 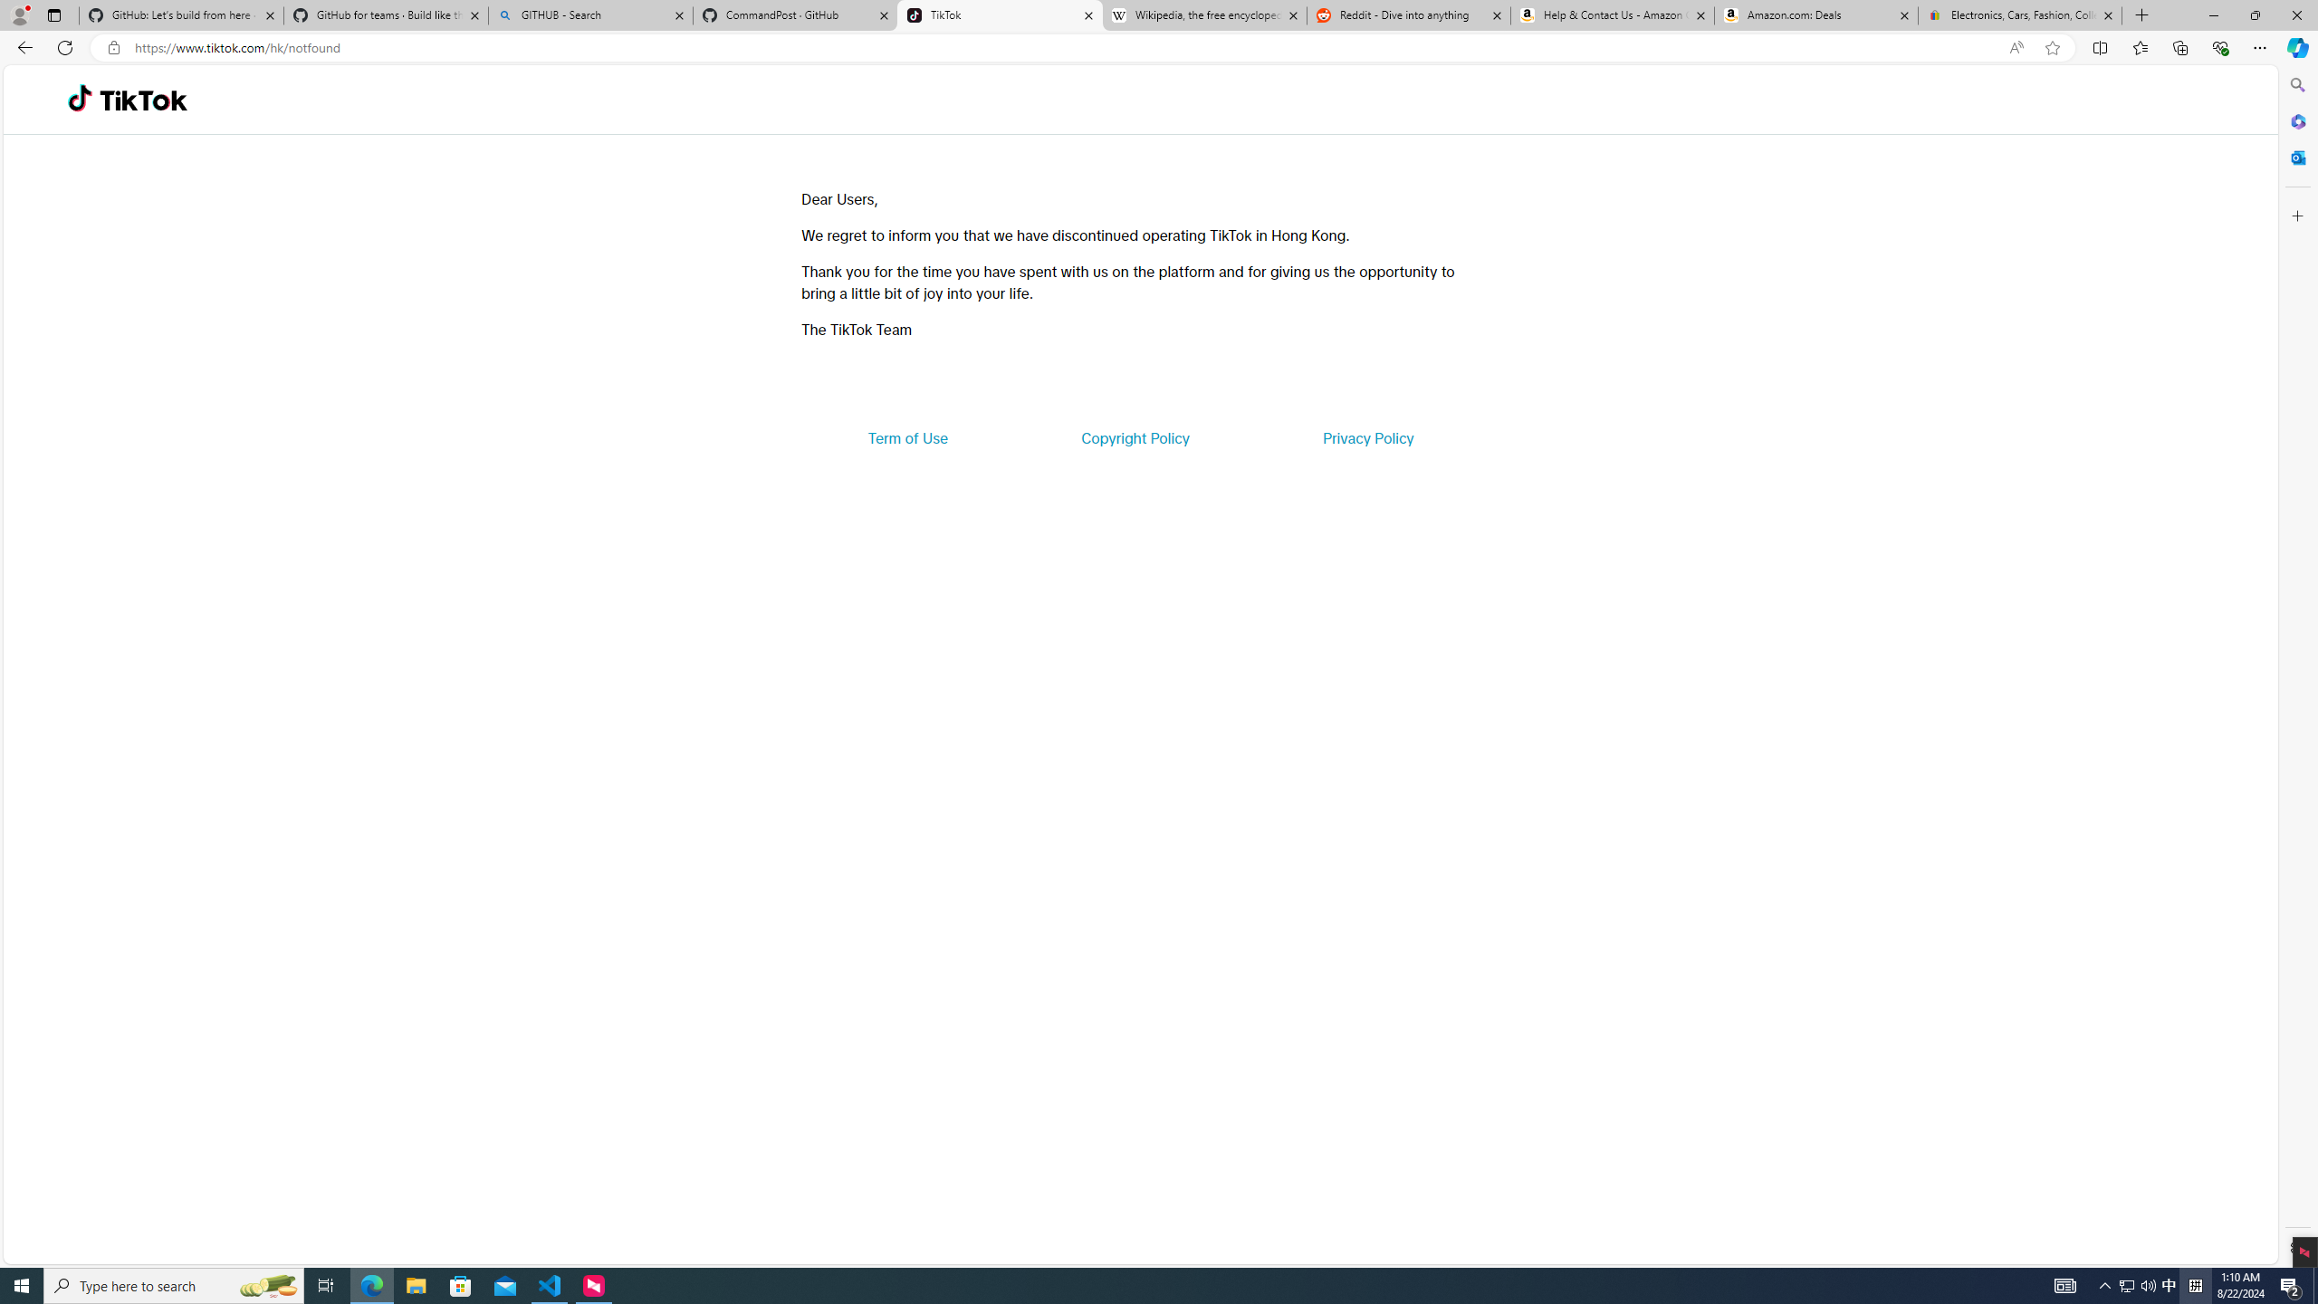 I want to click on 'Electronics, Cars, Fashion, Collectibles & More | eBay', so click(x=2019, y=14).